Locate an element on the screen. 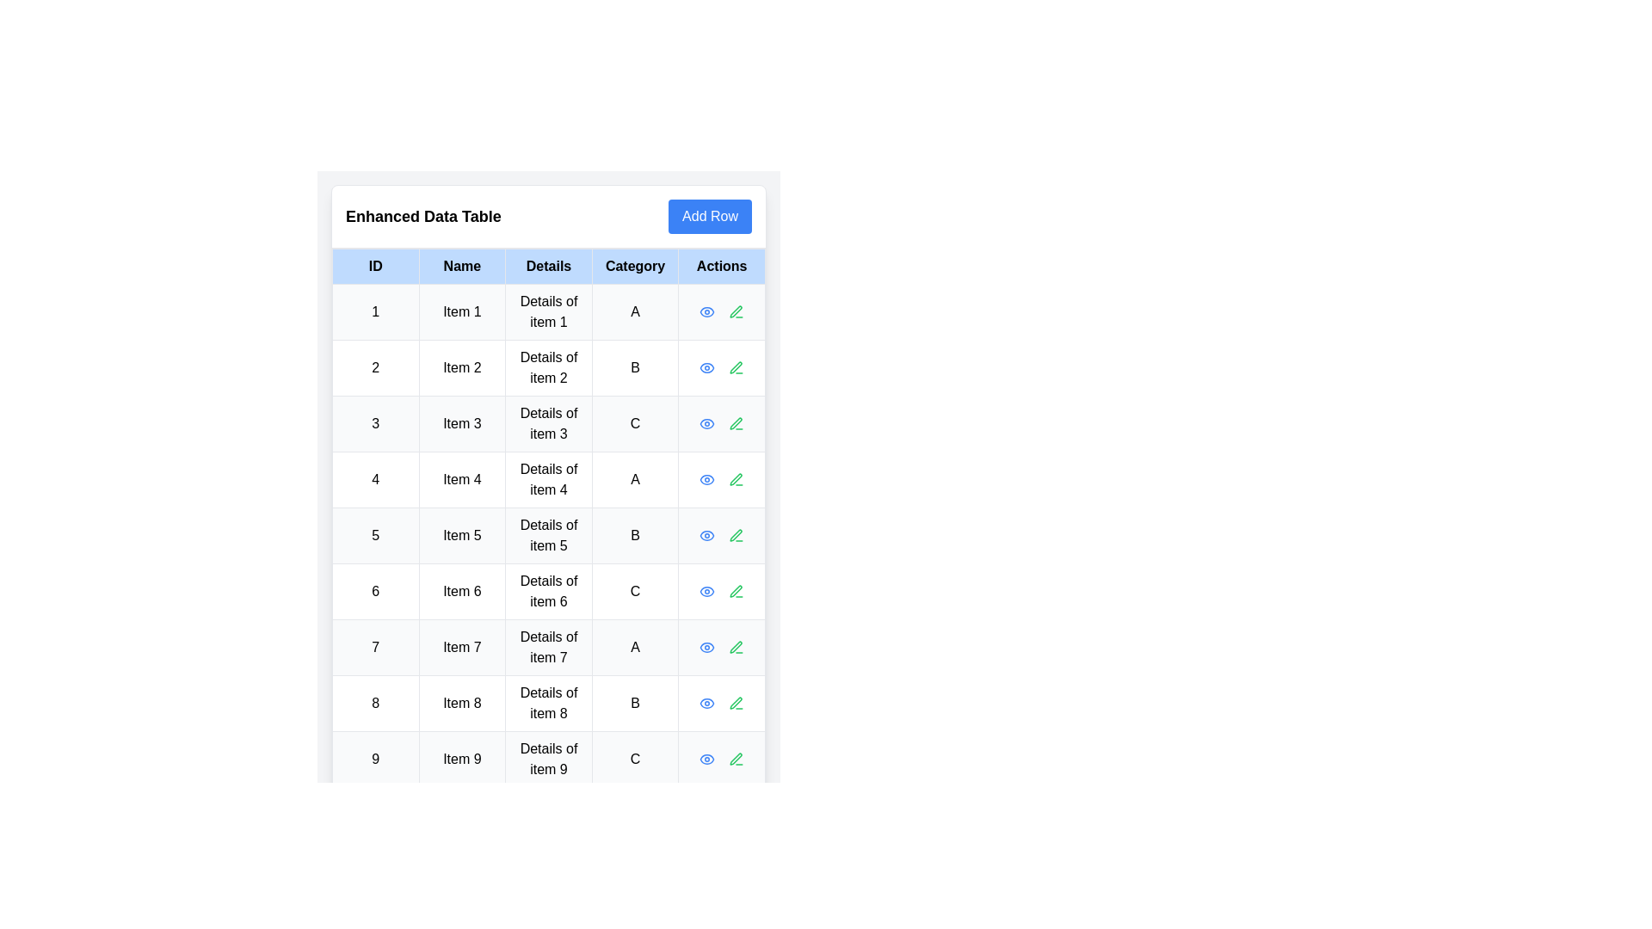  static text element containing '1' located in the first cell of the 'ID' column in the table is located at coordinates (374, 311).